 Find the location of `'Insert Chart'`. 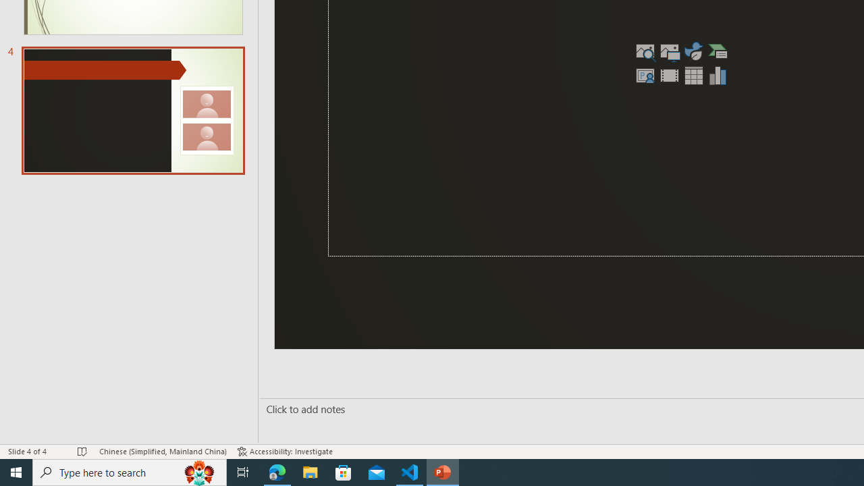

'Insert Chart' is located at coordinates (718, 75).